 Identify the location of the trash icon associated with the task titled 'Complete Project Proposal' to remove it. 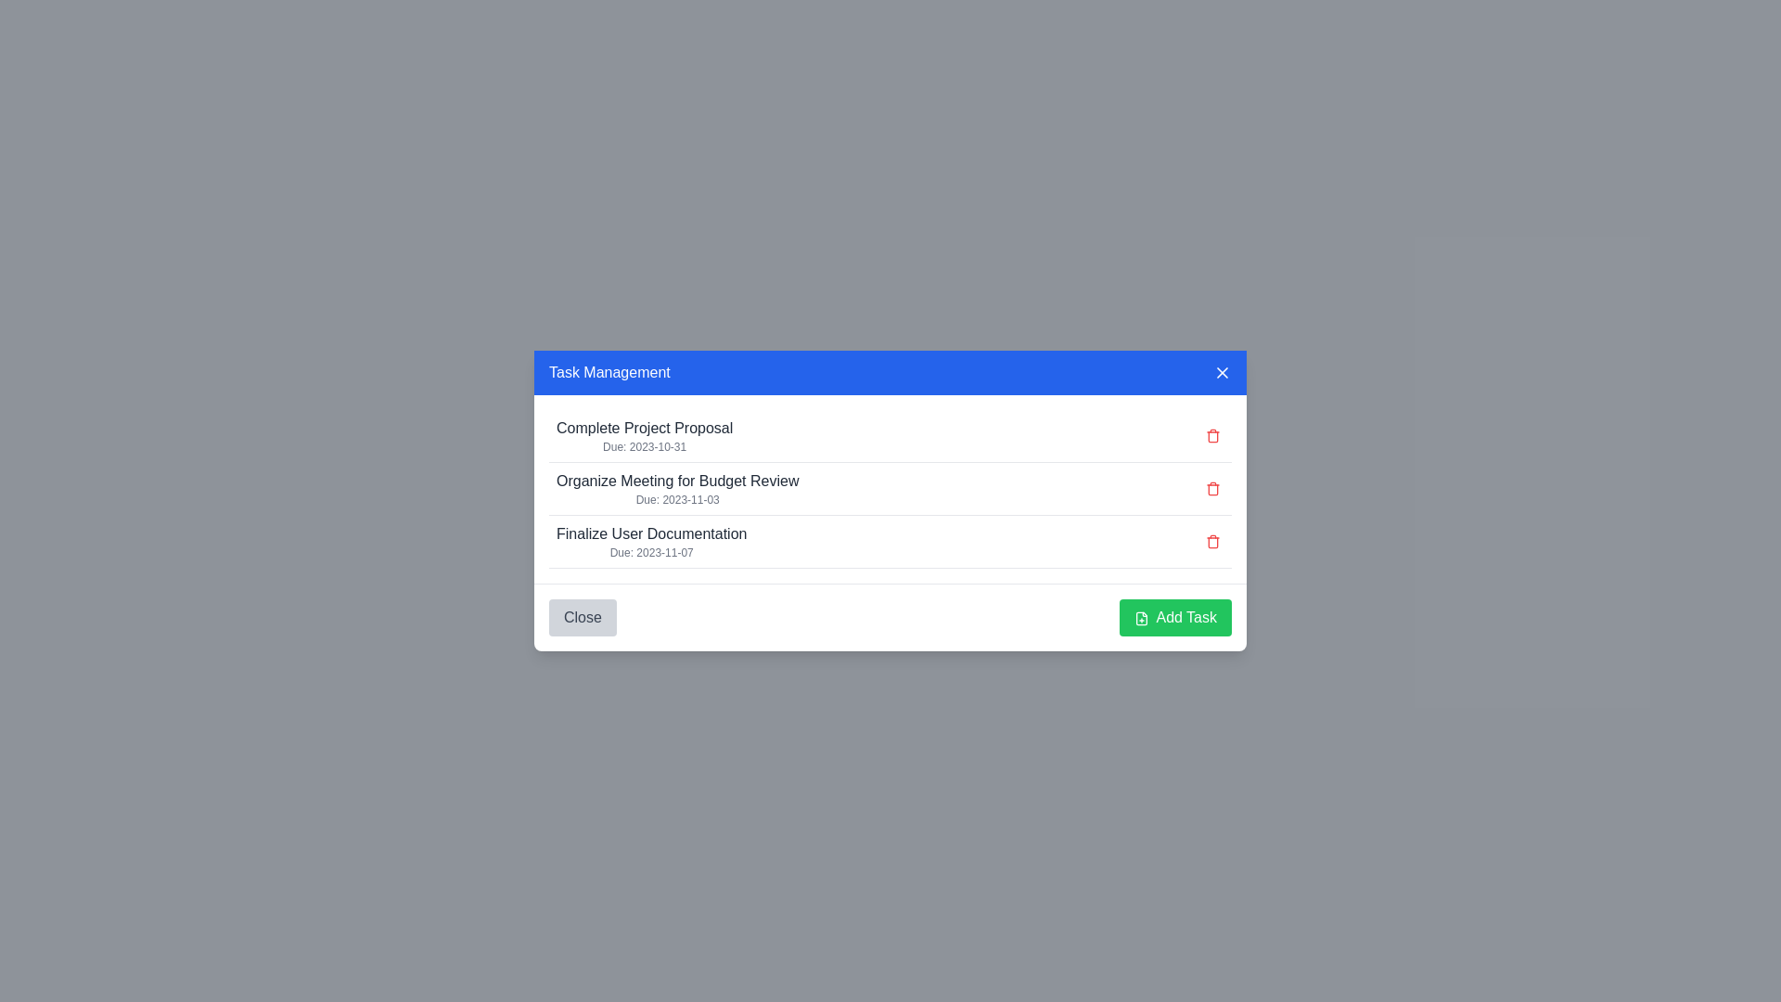
(1213, 436).